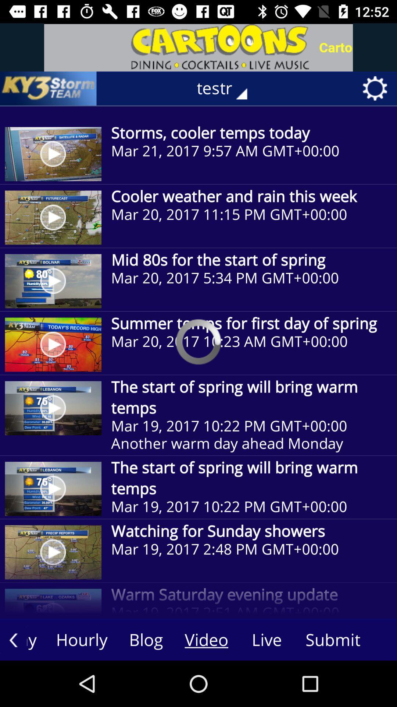 This screenshot has width=397, height=707. I want to click on the arrow_backward icon, so click(13, 640).